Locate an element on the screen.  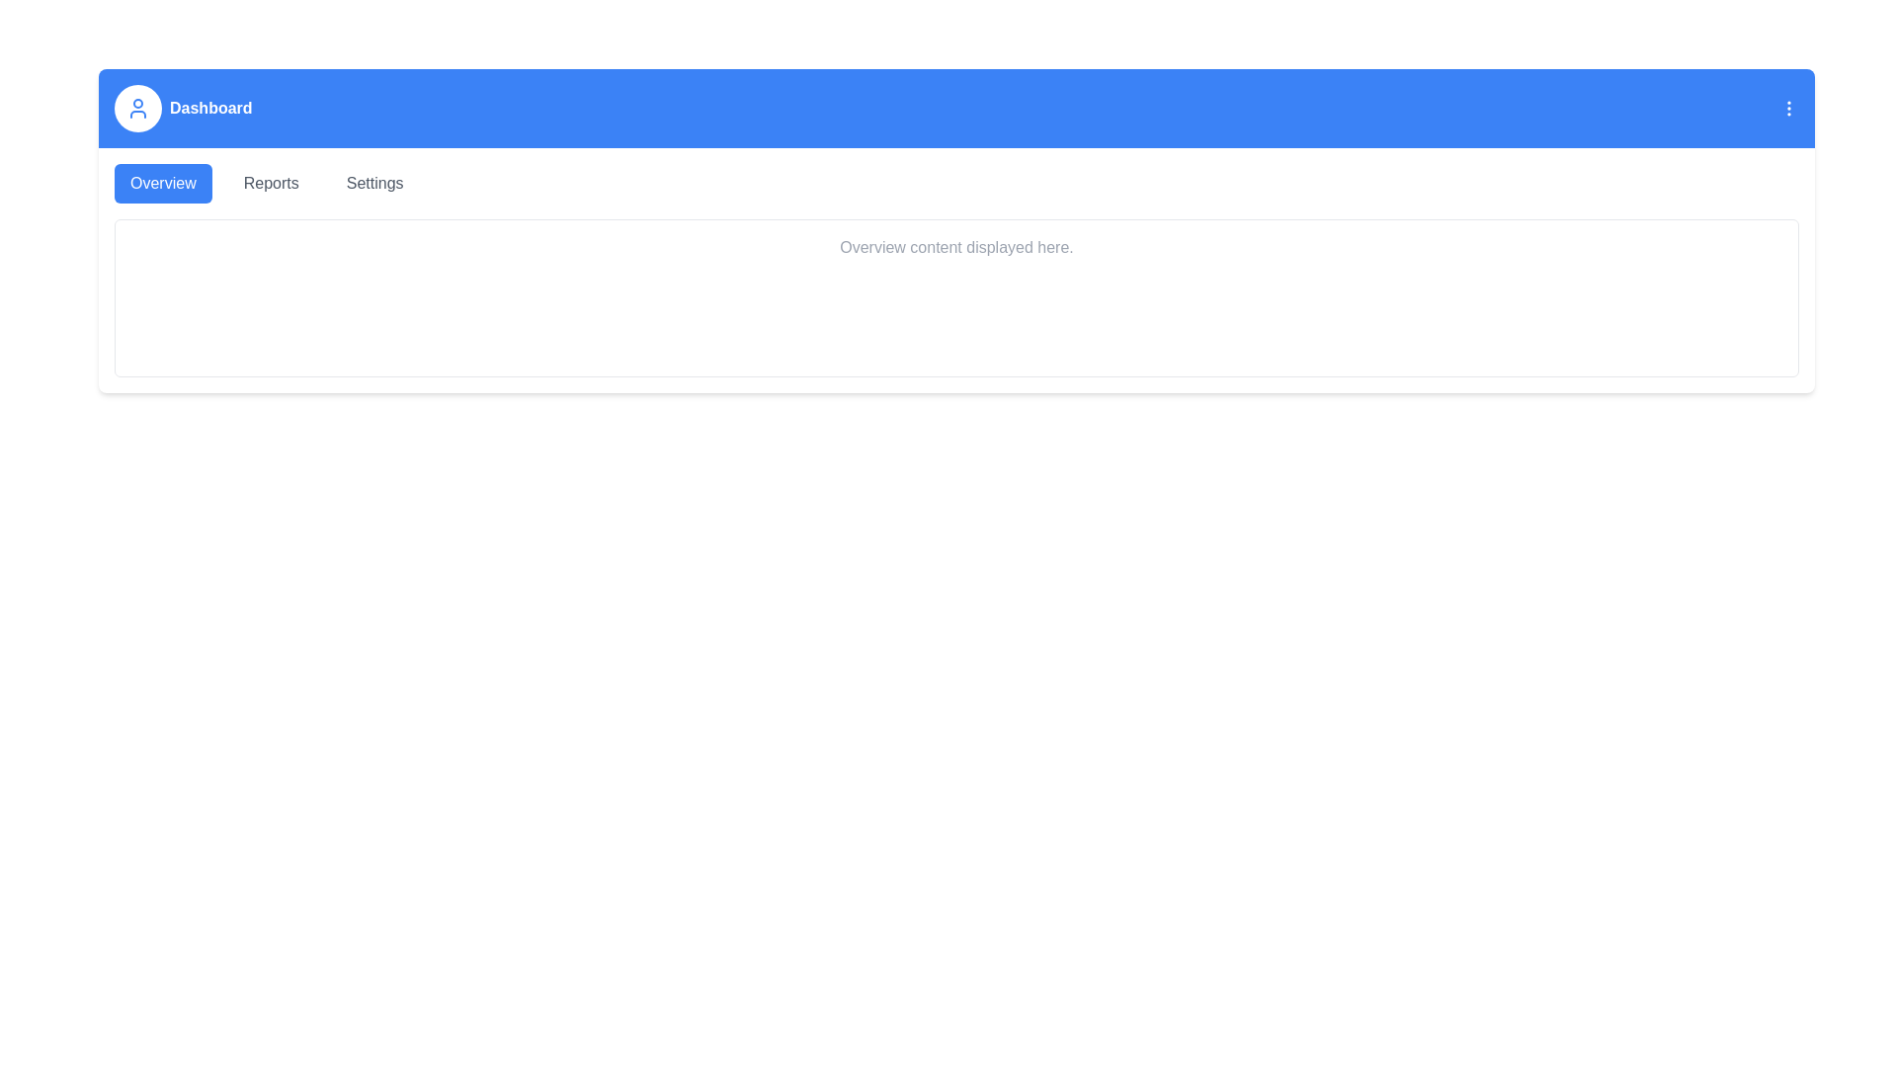
the text label that identifies the current section, located in the header bar to the immediate right of the circular user icon is located at coordinates (210, 109).